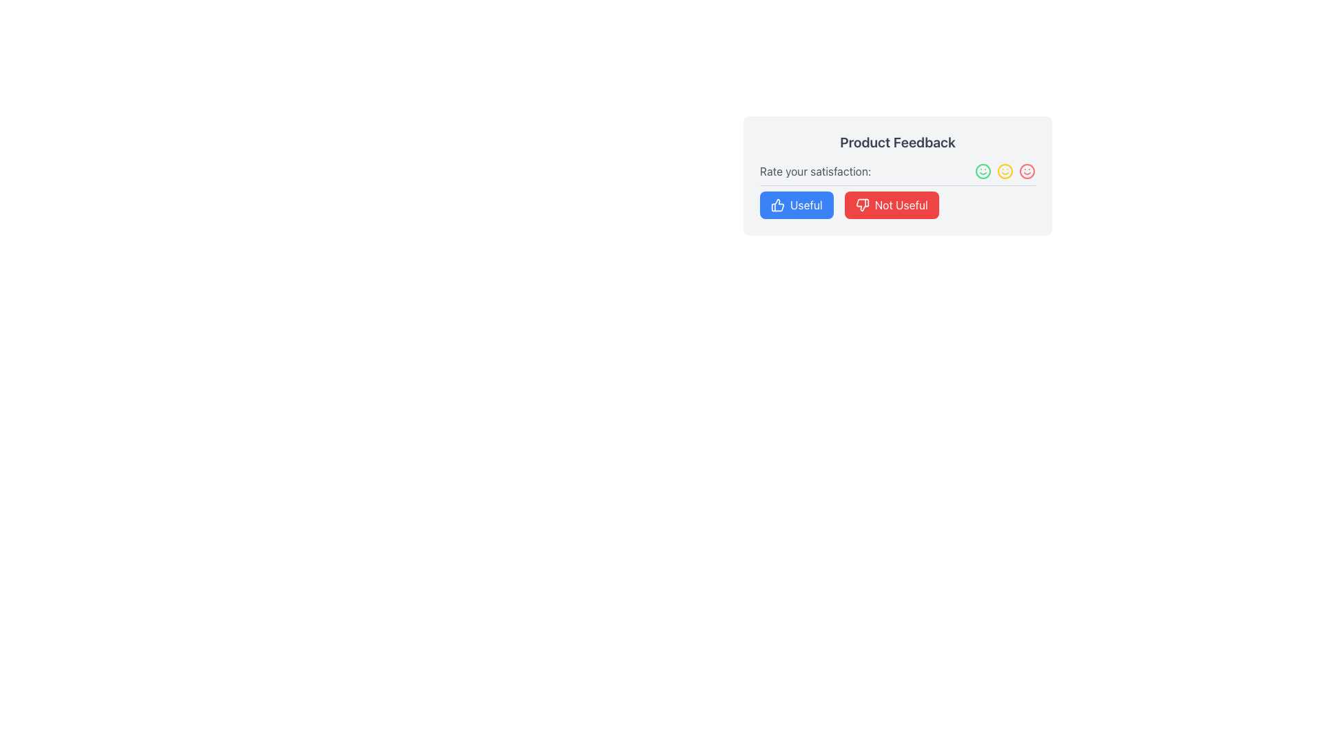  Describe the element at coordinates (777, 205) in the screenshot. I see `the blue thumbs-up icon outlined with a white stroke` at that location.